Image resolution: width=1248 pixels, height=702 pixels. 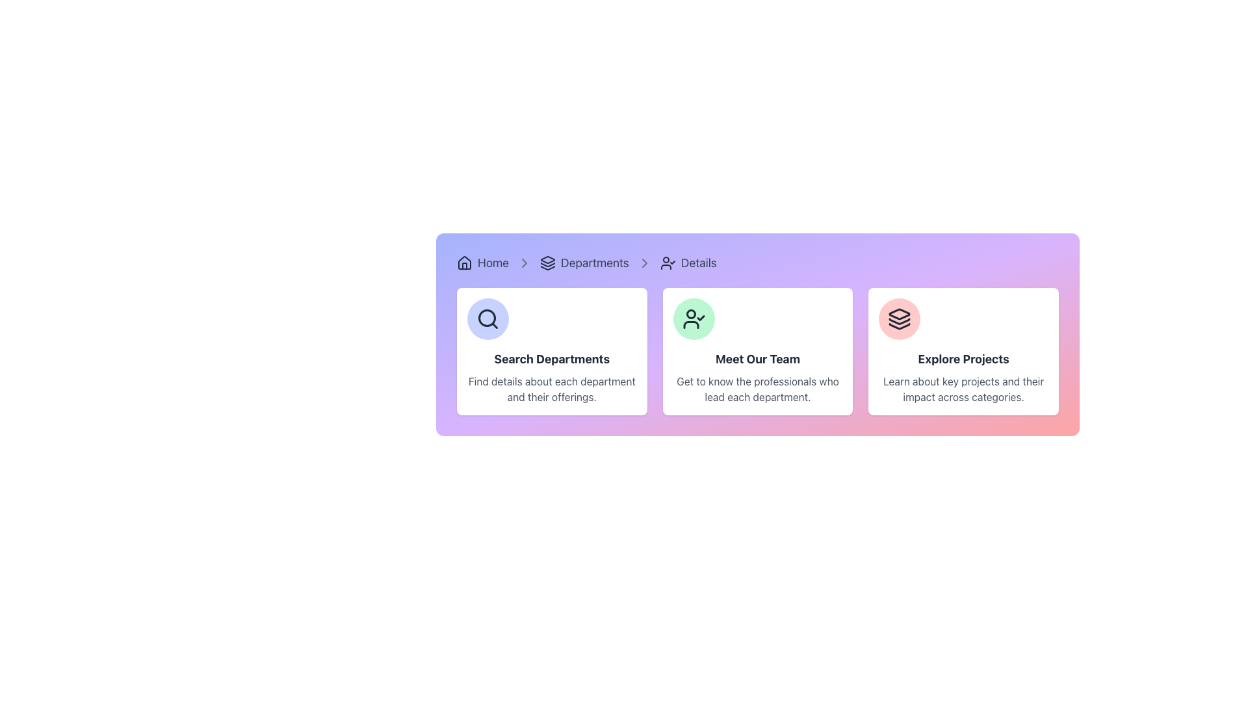 I want to click on descriptive text label located beneath the 'Meet Our Team' title in the center card of the three-card layout, so click(x=758, y=388).